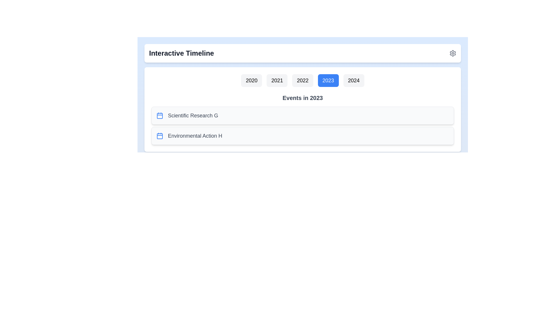 The image size is (557, 313). What do you see at coordinates (452, 53) in the screenshot?
I see `the settings icon located in the top-right corner of the component` at bounding box center [452, 53].